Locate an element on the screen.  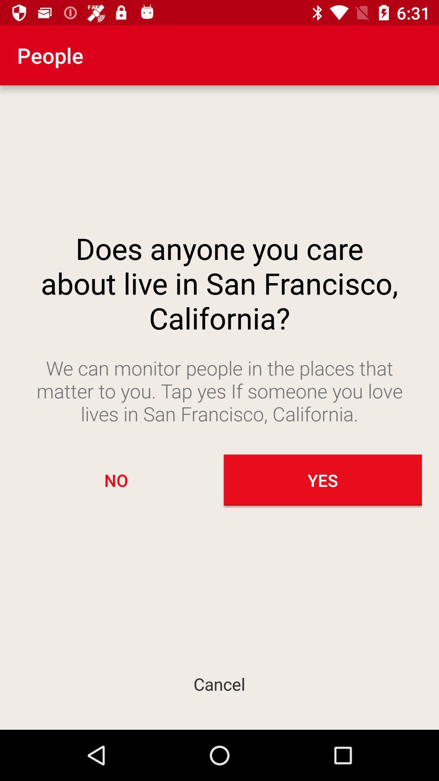
the icon next to yes item is located at coordinates (116, 480).